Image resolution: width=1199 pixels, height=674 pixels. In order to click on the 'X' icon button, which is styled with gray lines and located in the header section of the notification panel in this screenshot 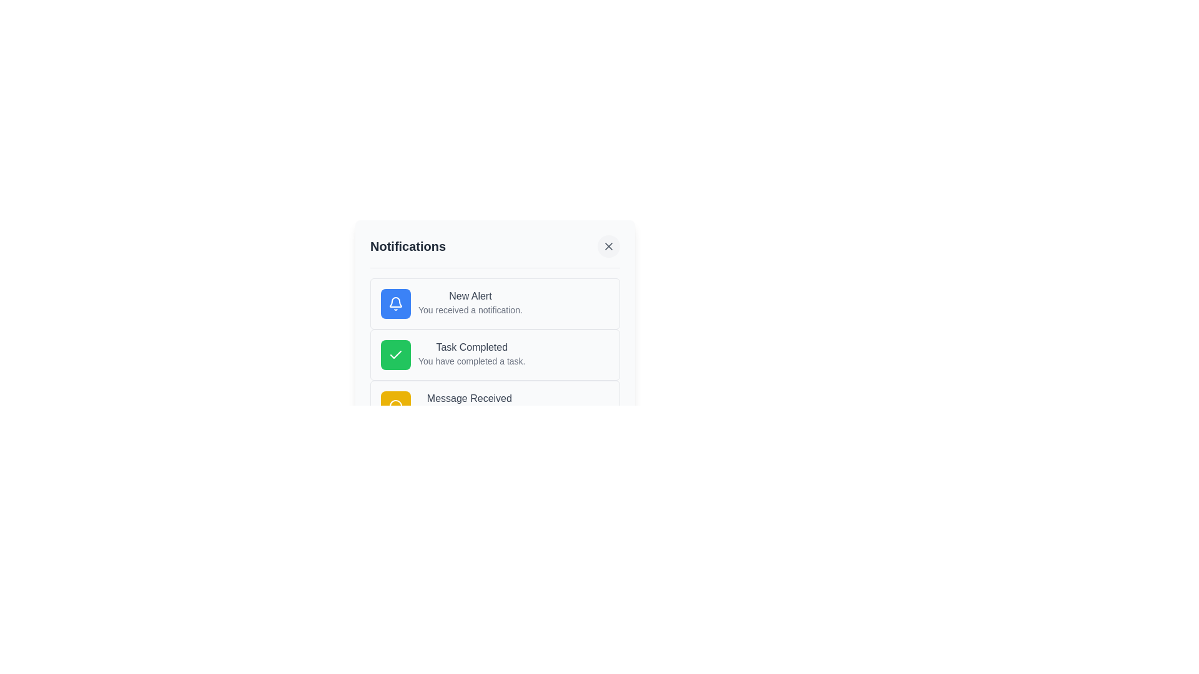, I will do `click(608, 246)`.